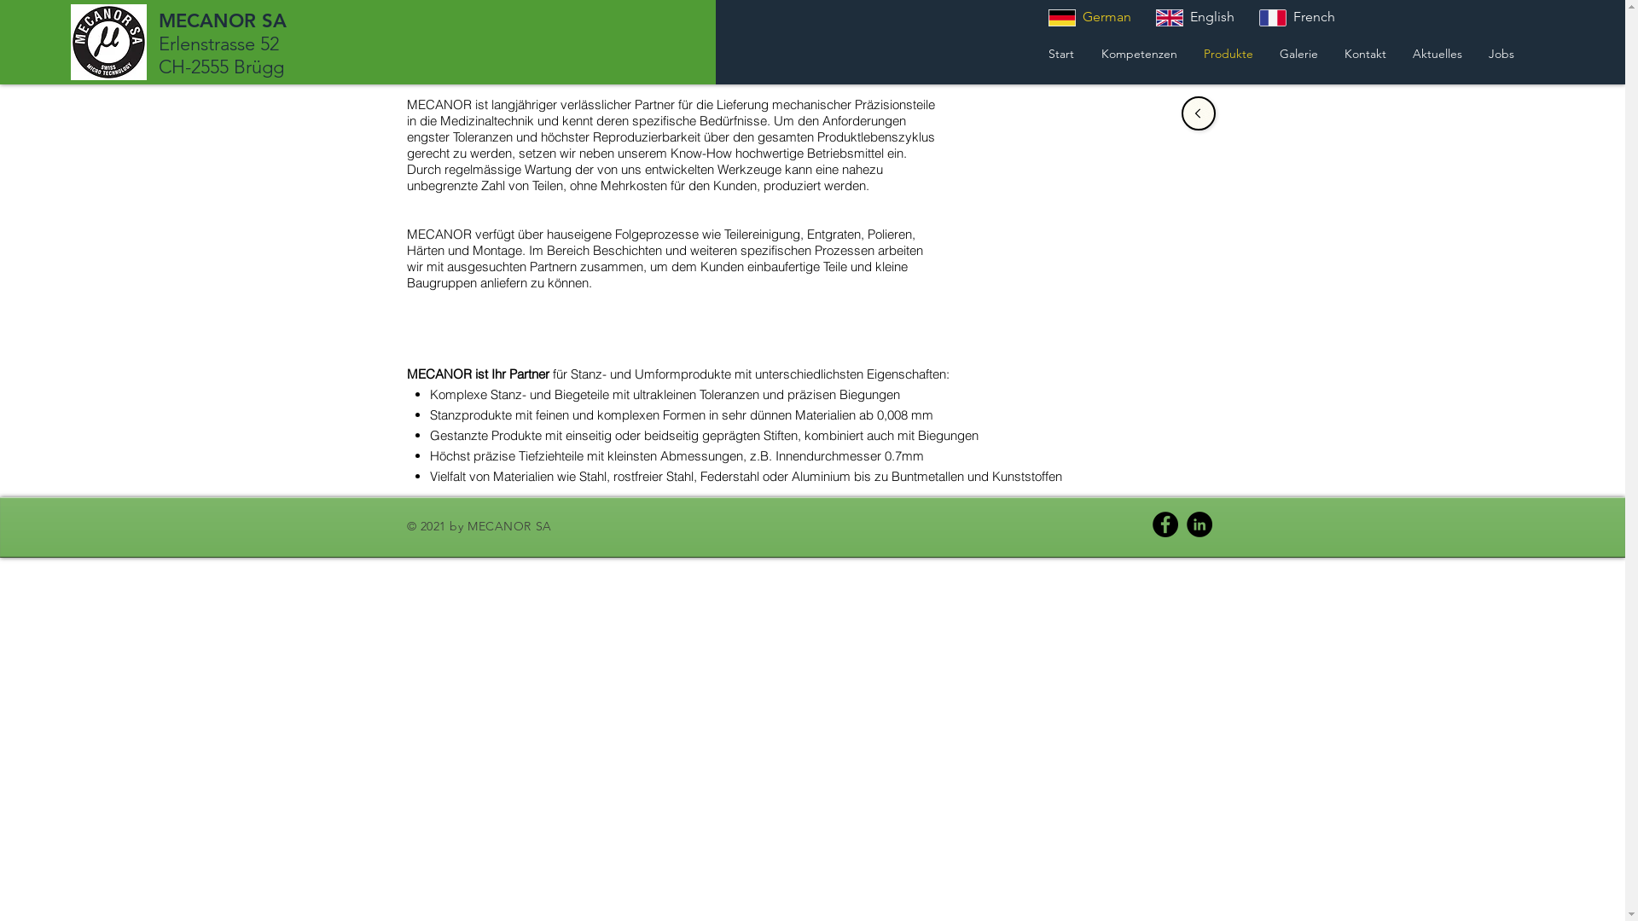 The image size is (1638, 921). I want to click on 'Erlenstrasse 52', so click(218, 43).